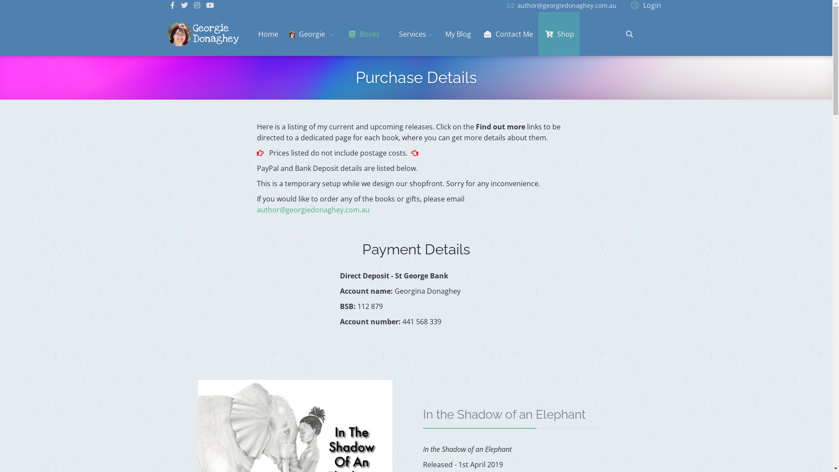 The width and height of the screenshot is (839, 472). What do you see at coordinates (268, 33) in the screenshot?
I see `'Home'` at bounding box center [268, 33].